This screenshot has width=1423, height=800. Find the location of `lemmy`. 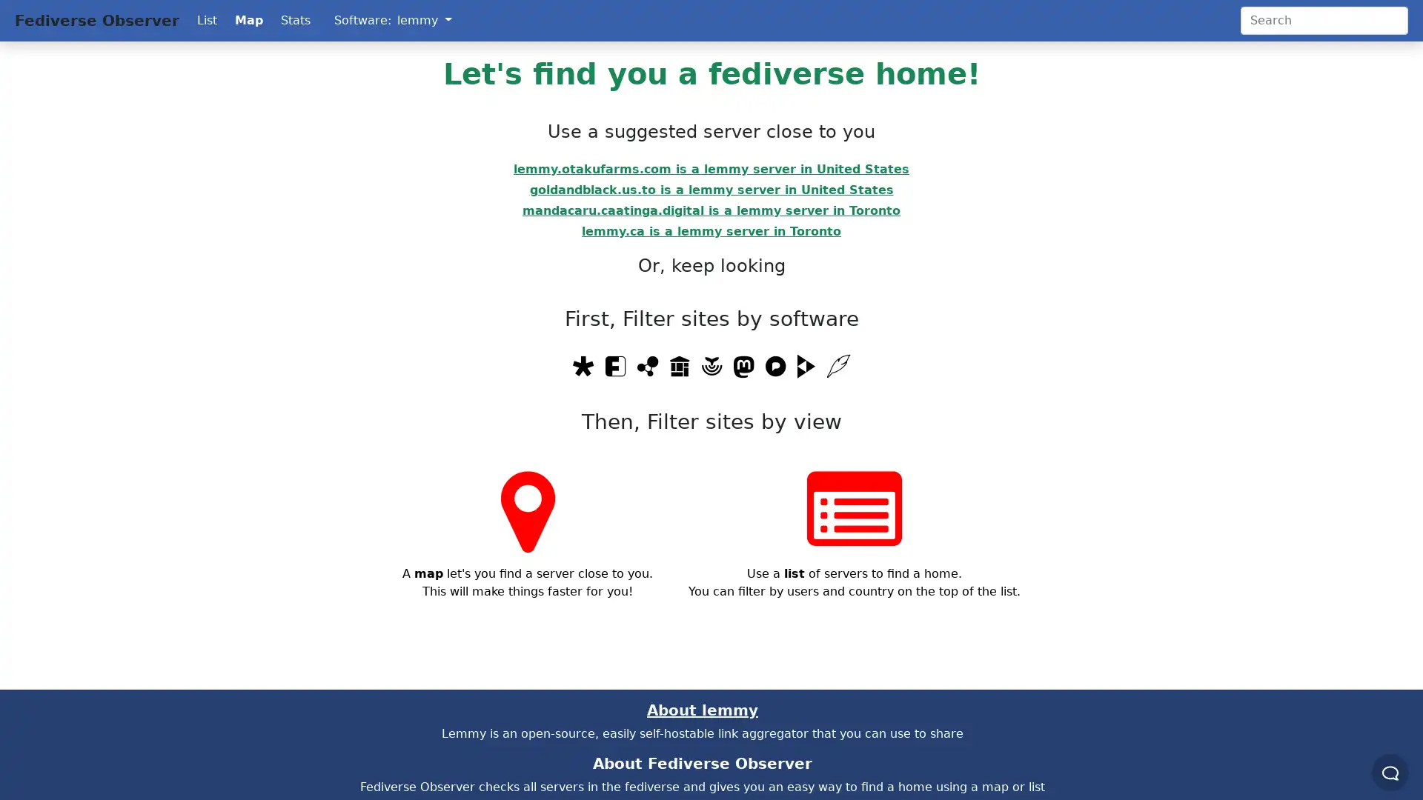

lemmy is located at coordinates (423, 20).